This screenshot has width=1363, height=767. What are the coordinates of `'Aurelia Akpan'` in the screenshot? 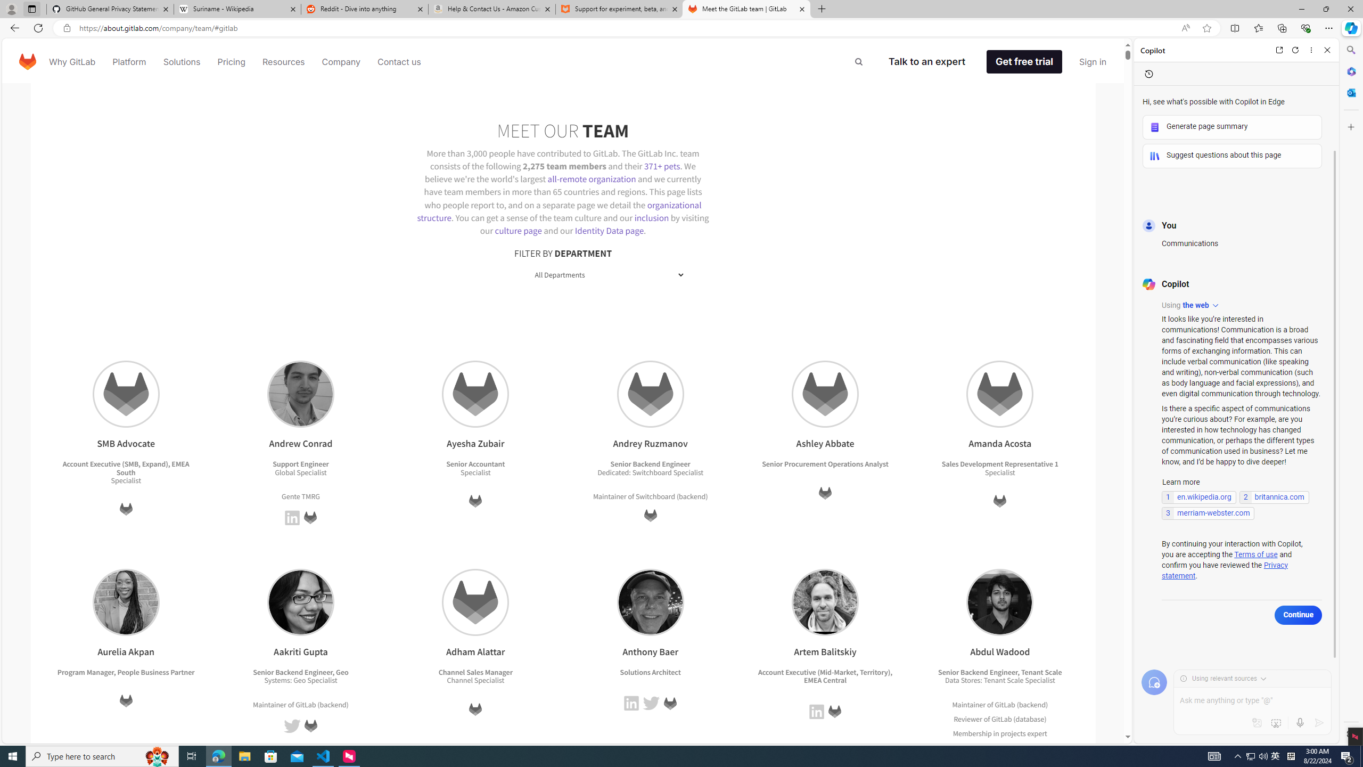 It's located at (126, 601).